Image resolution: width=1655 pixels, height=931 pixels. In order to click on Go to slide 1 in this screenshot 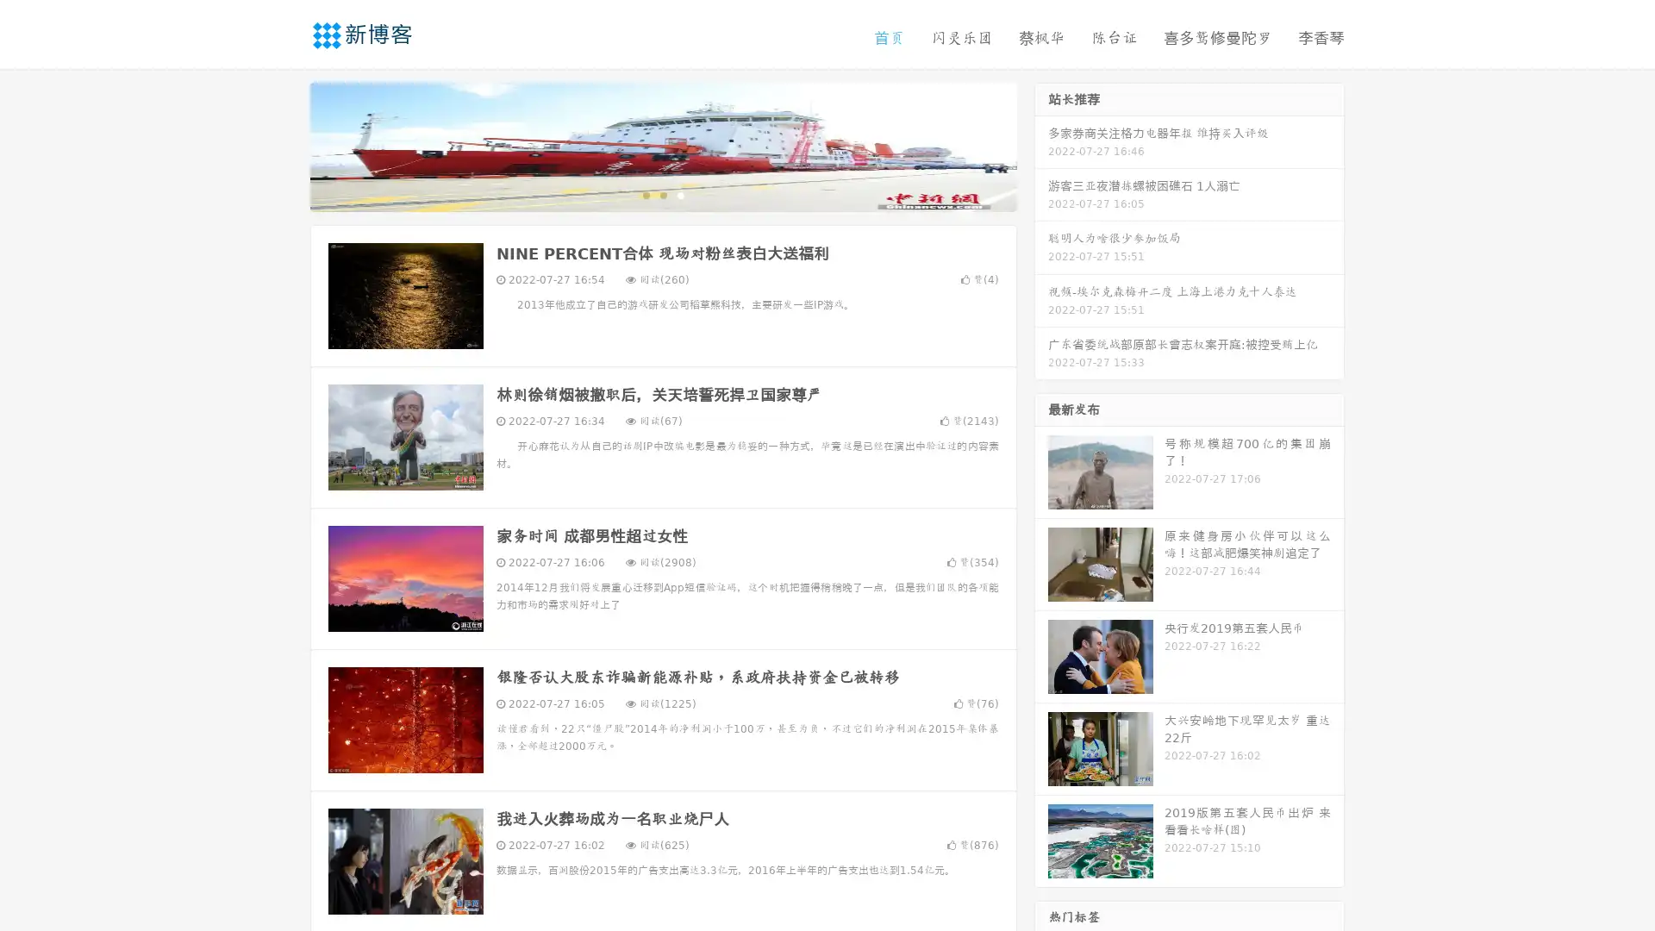, I will do `click(645, 194)`.